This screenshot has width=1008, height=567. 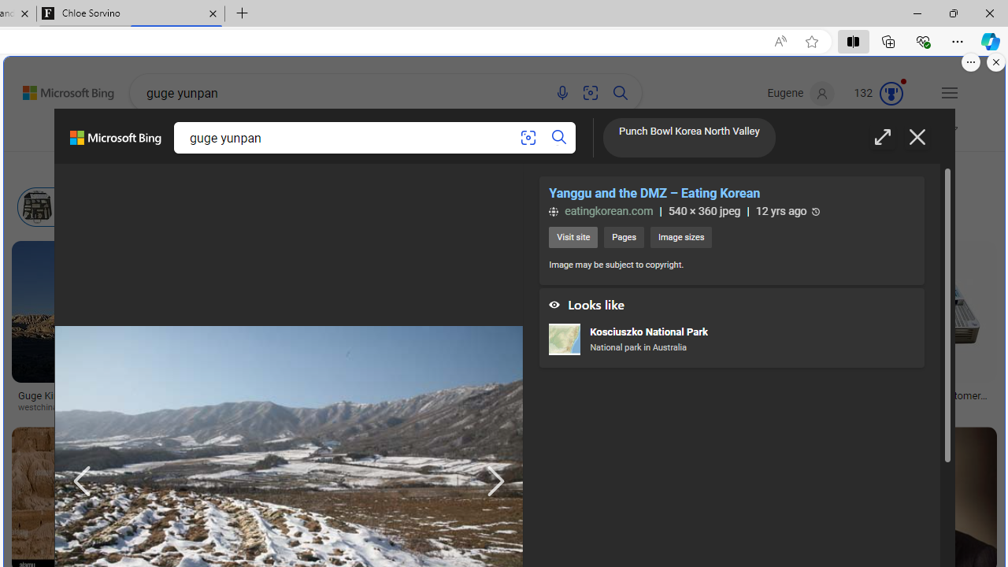 What do you see at coordinates (528, 137) in the screenshot?
I see `'Search using an image'` at bounding box center [528, 137].